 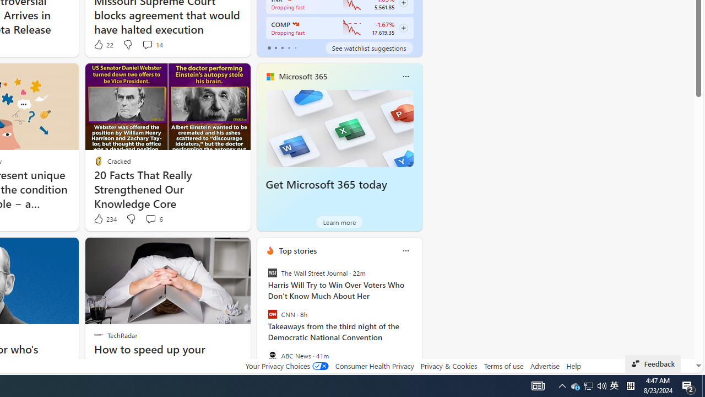 What do you see at coordinates (297, 250) in the screenshot?
I see `'Top stories'` at bounding box center [297, 250].